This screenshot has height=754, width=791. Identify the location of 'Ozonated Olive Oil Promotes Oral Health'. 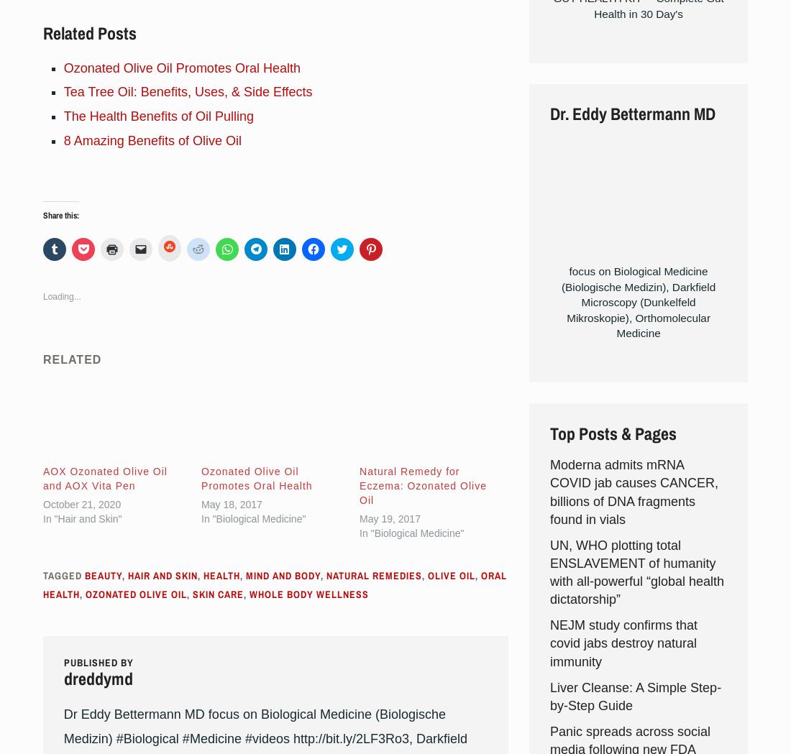
(181, 66).